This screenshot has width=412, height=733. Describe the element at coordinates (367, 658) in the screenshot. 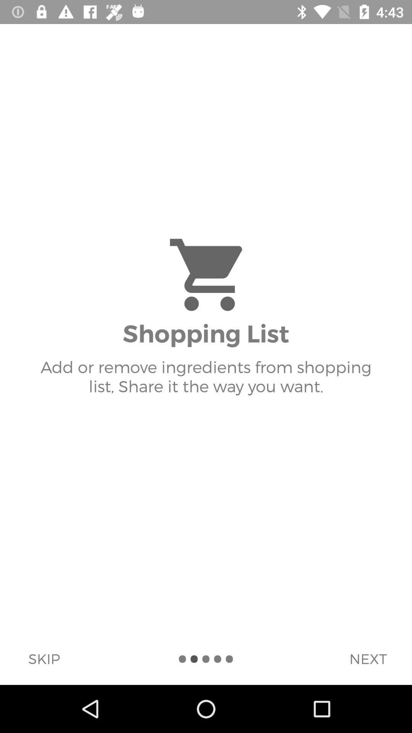

I see `next at the bottom right corner` at that location.